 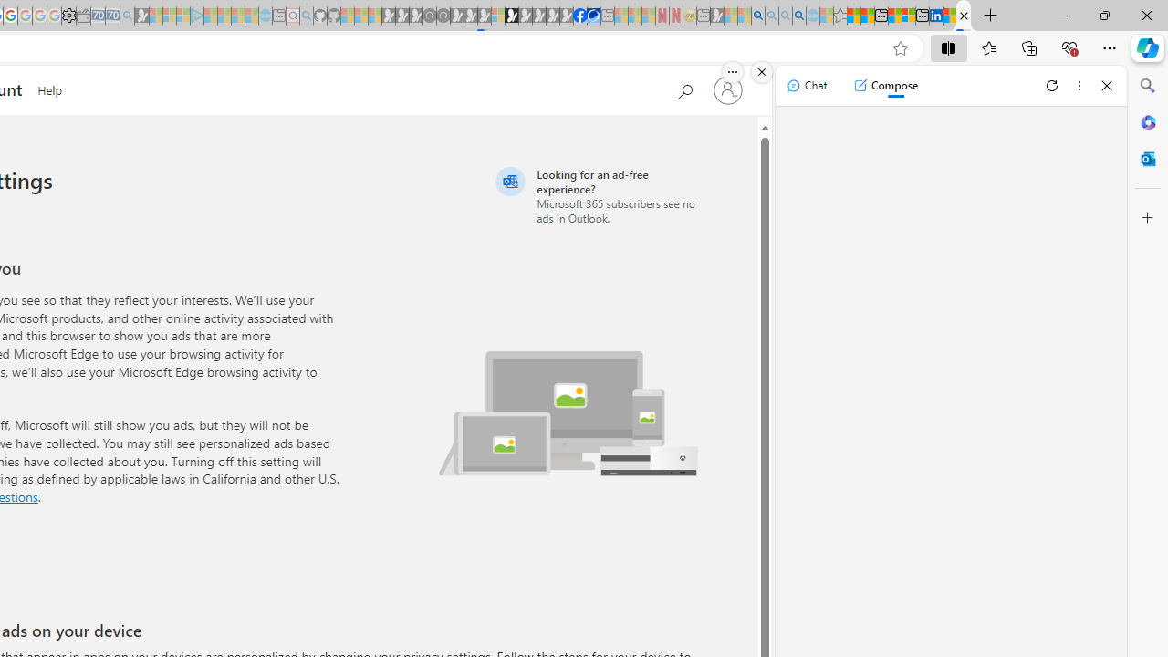 What do you see at coordinates (443, 16) in the screenshot?
I see `'Future Focus Report 2024 - Sleeping'` at bounding box center [443, 16].